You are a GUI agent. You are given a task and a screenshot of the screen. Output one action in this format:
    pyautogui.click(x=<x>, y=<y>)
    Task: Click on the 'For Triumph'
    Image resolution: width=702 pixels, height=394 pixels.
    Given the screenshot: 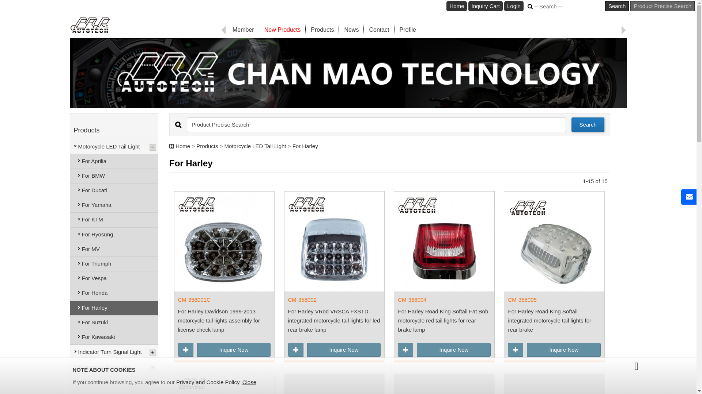 What is the action you would take?
    pyautogui.click(x=70, y=264)
    